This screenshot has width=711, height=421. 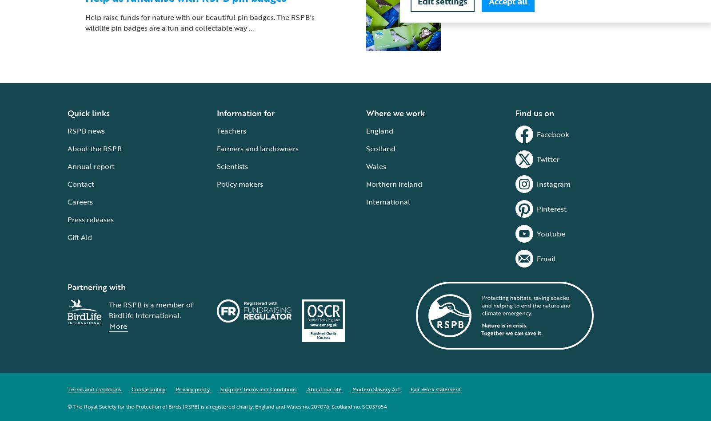 What do you see at coordinates (551, 233) in the screenshot?
I see `'Youtube'` at bounding box center [551, 233].